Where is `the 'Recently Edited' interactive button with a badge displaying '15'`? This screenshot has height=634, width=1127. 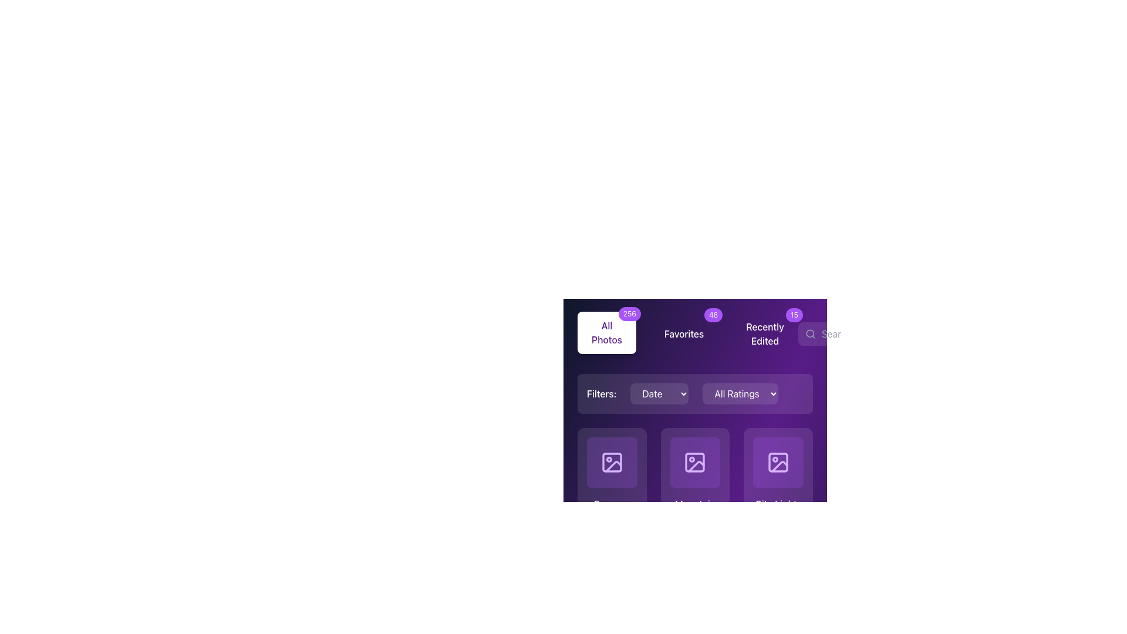 the 'Recently Edited' interactive button with a badge displaying '15' is located at coordinates (765, 334).